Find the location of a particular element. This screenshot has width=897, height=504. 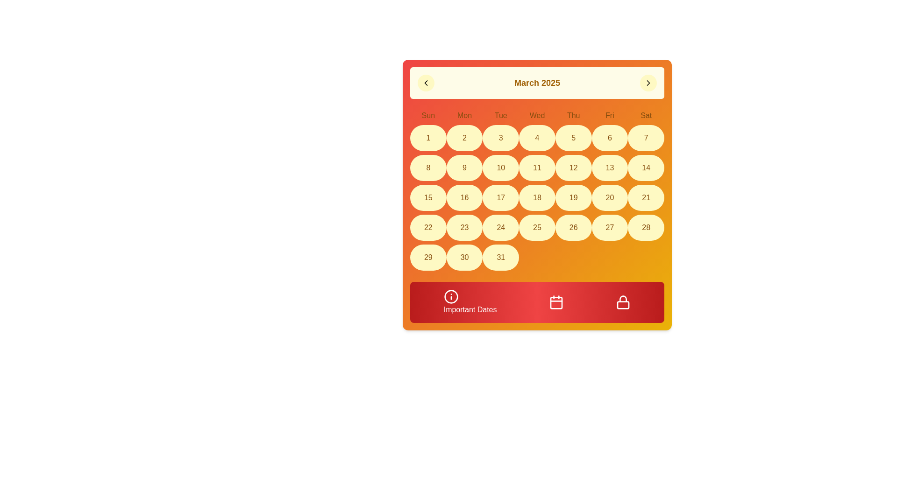

the calendar icon button located centrally within the bottom red gradient bar, positioned between the information icon and the lock icon is located at coordinates (556, 302).